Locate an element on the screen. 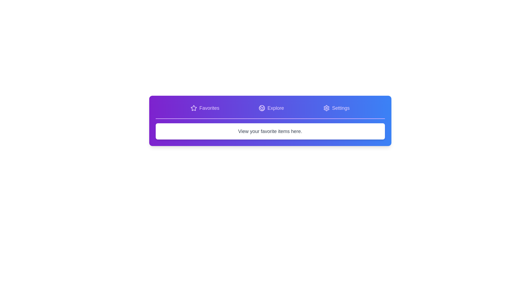 The height and width of the screenshot is (292, 519). the tab labeled 'Settings' to display its corresponding content is located at coordinates (336, 108).